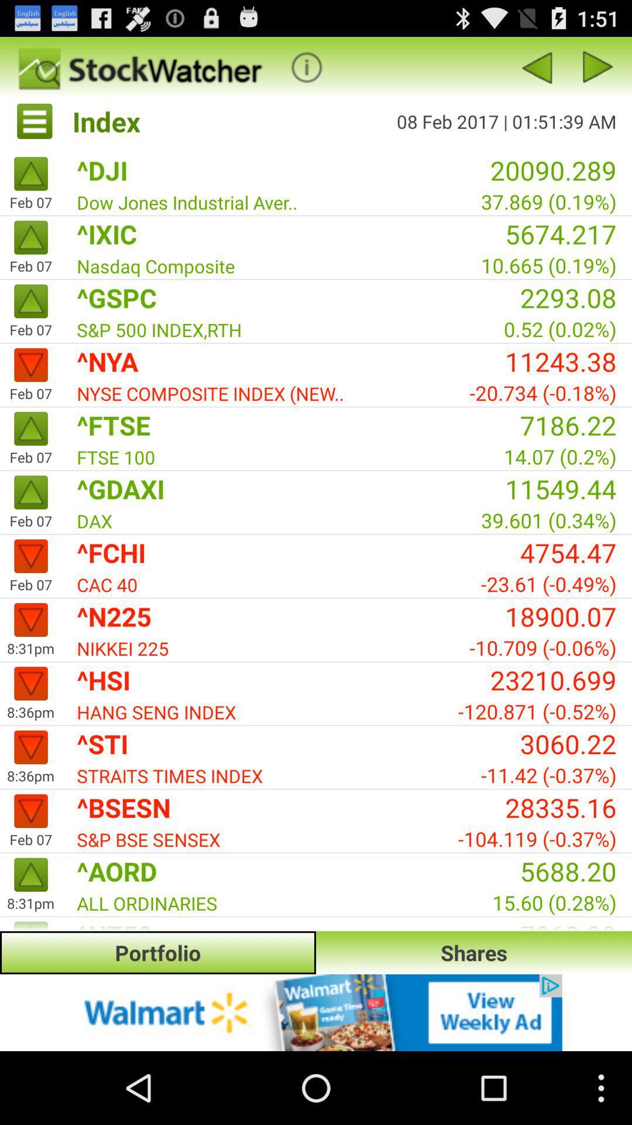  I want to click on the info icon, so click(306, 71).